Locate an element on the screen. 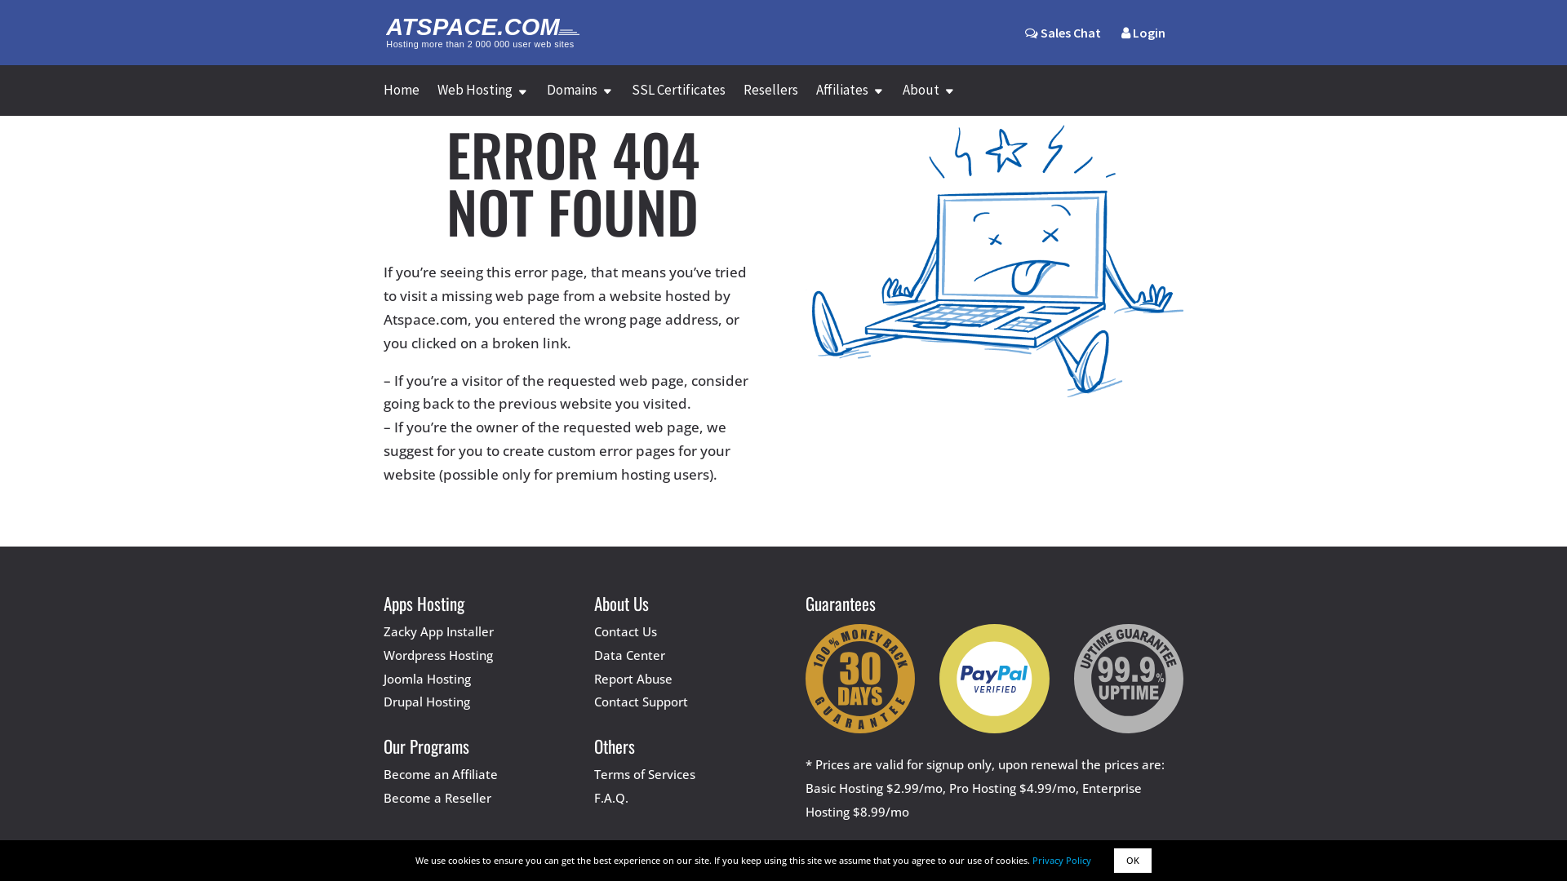  'F.A.Q.' is located at coordinates (593, 797).